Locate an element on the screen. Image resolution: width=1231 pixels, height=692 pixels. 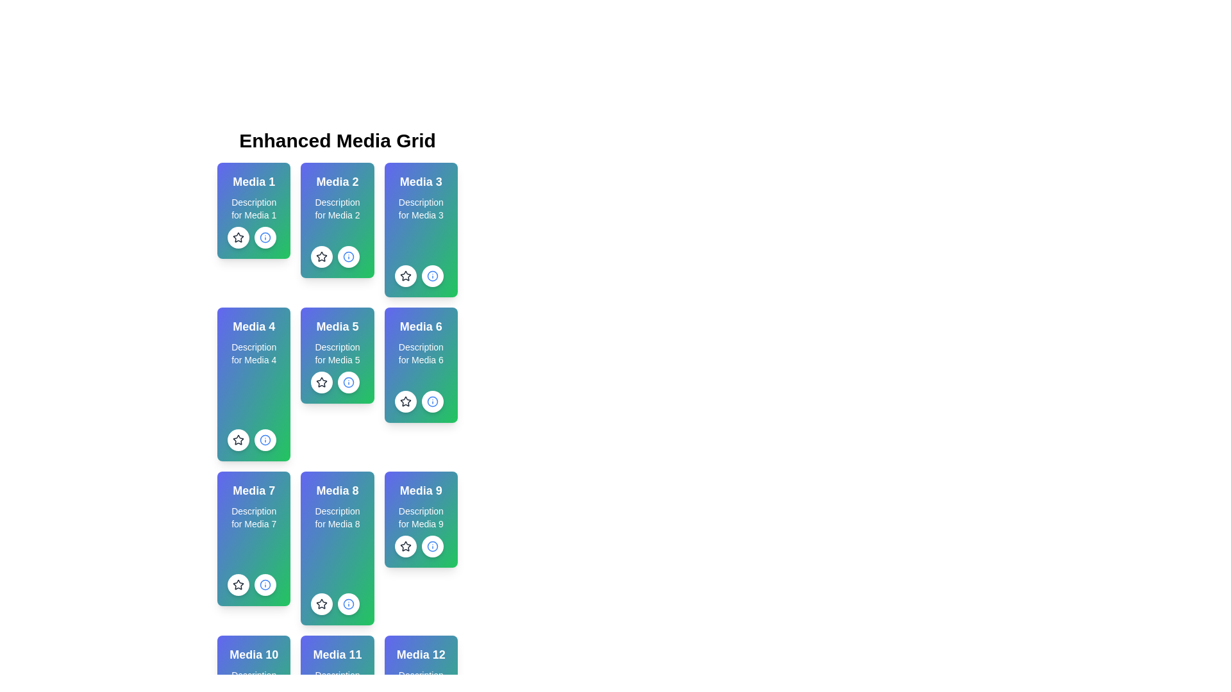
the static text label that reads 'Description for Media 1', located below the title text in the card titled 'Media 1' is located at coordinates (254, 208).